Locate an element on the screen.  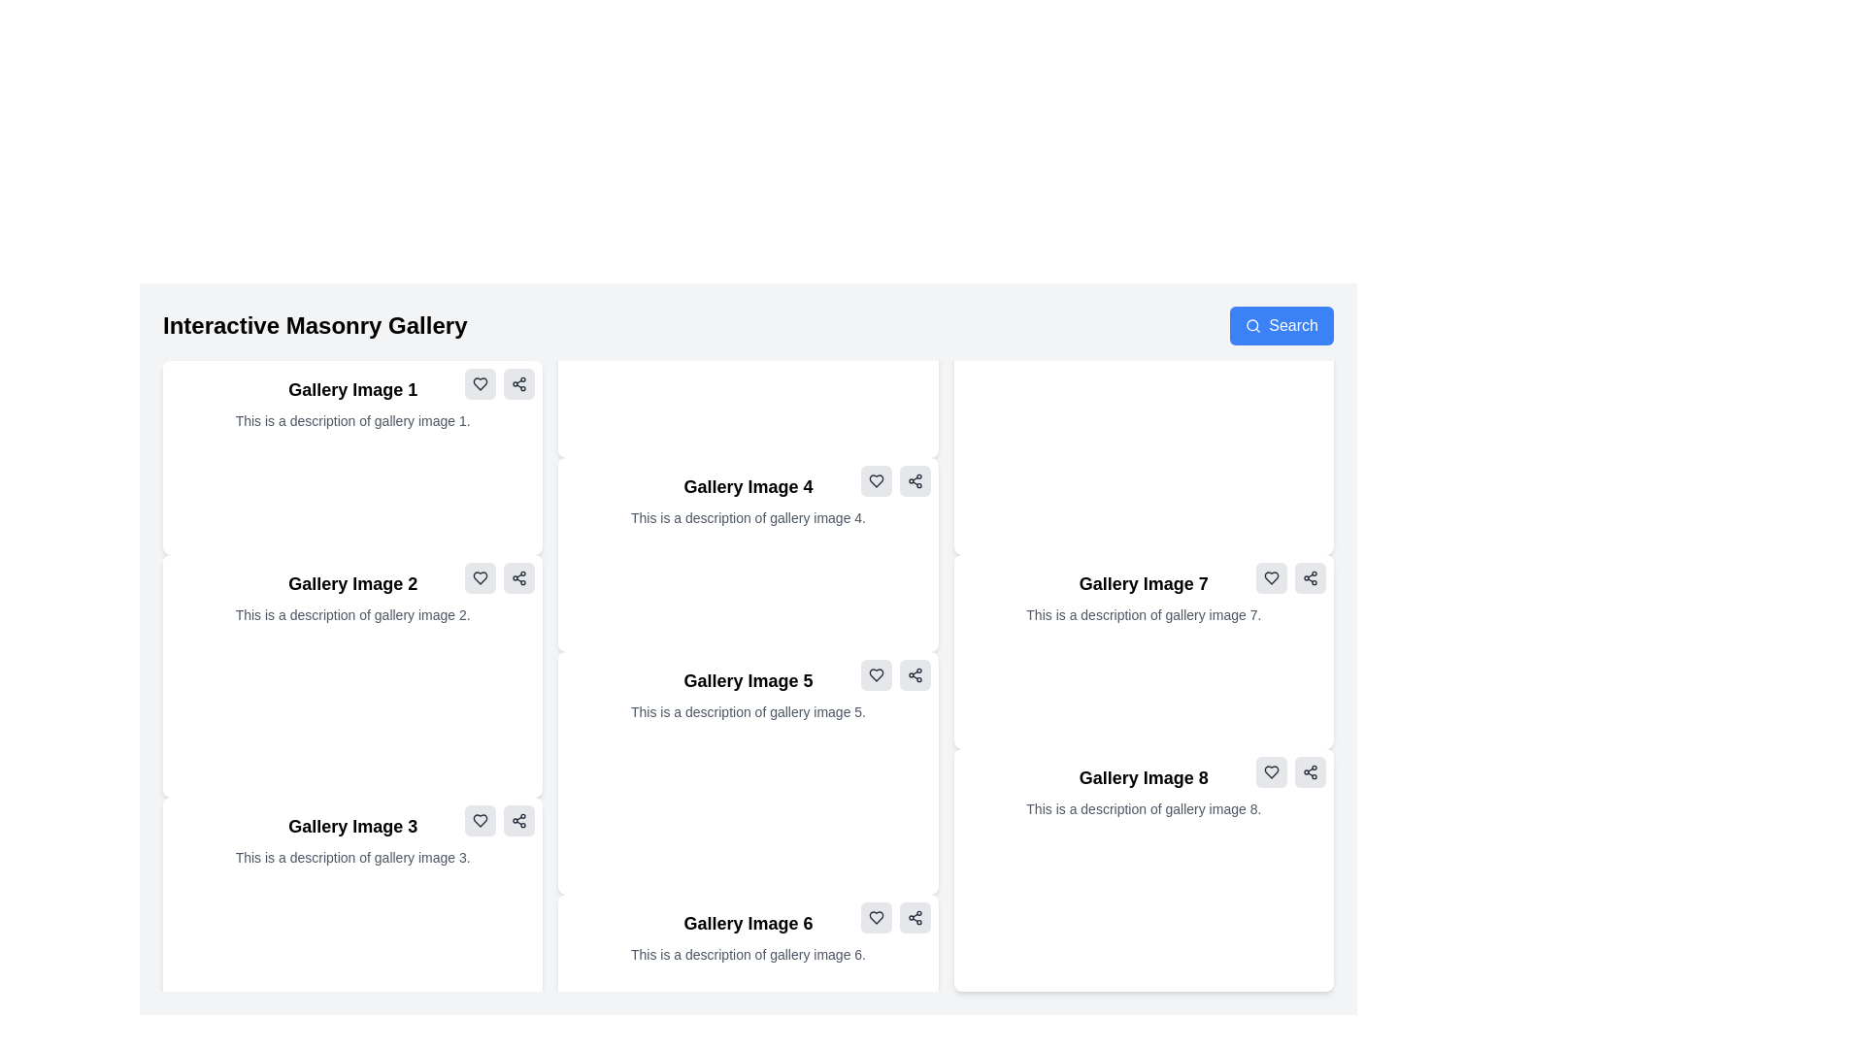
the share icon button located at the bottom right corner of the card for 'Gallery Image 6' to initiate sharing is located at coordinates (914, 917).